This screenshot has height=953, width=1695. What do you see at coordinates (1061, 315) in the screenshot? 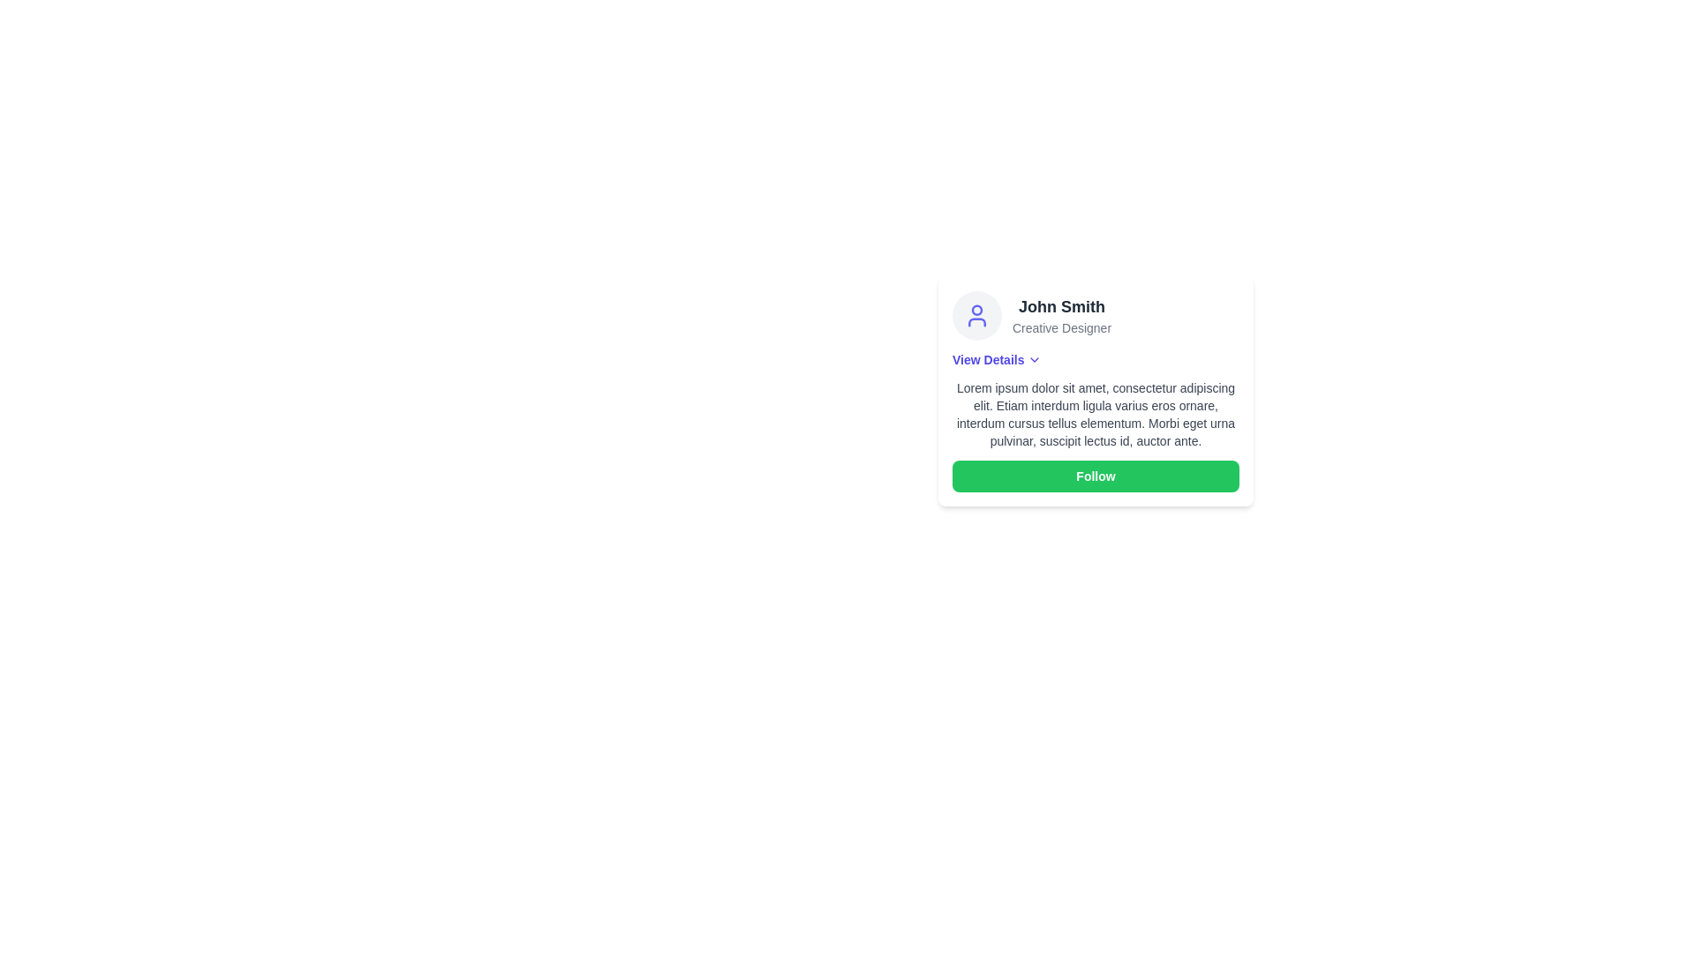
I see `the text block displaying 'John Smith' and 'Creative Designer' within the profile card, which is located to the right of the circular avatar icon and above the 'View Details' link` at bounding box center [1061, 315].